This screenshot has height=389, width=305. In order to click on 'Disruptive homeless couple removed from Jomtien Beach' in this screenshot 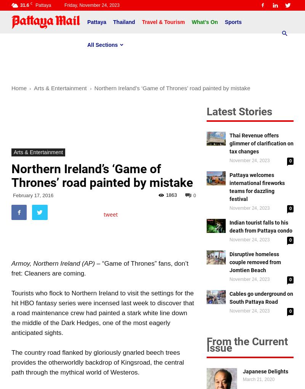, I will do `click(255, 262)`.